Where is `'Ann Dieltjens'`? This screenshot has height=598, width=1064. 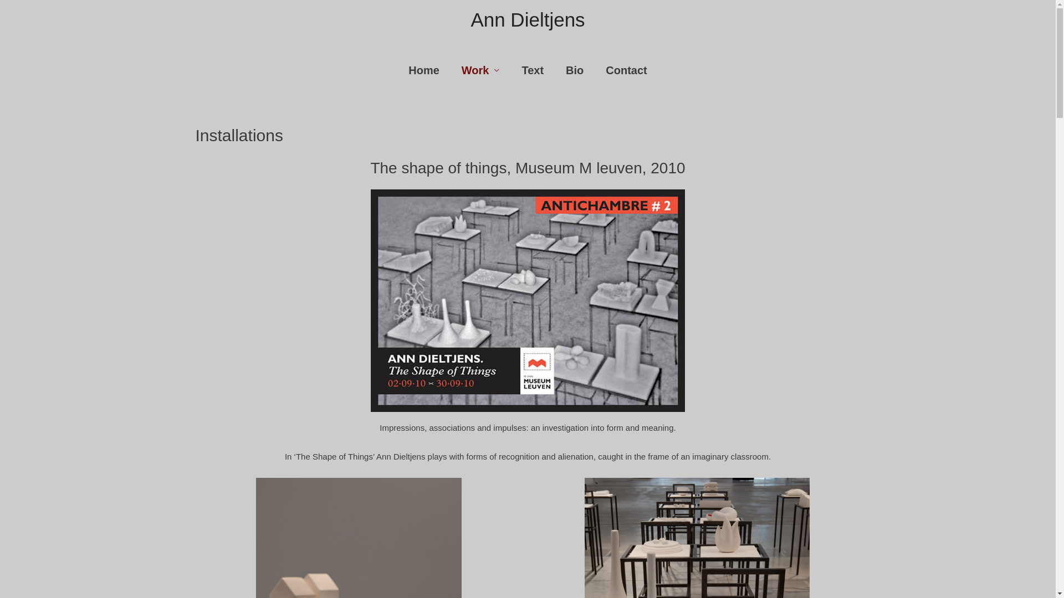
'Ann Dieltjens' is located at coordinates (526, 19).